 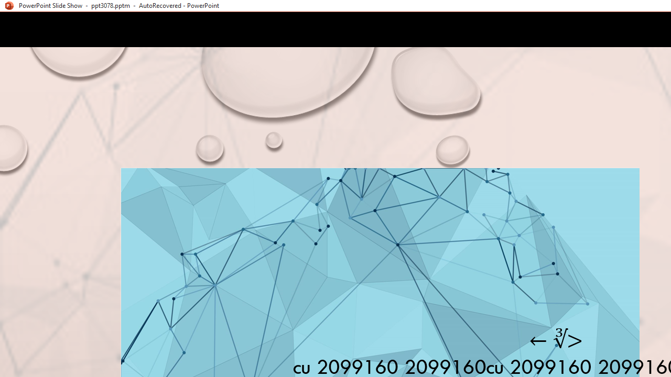 I want to click on 'System', so click(x=5, y=6).